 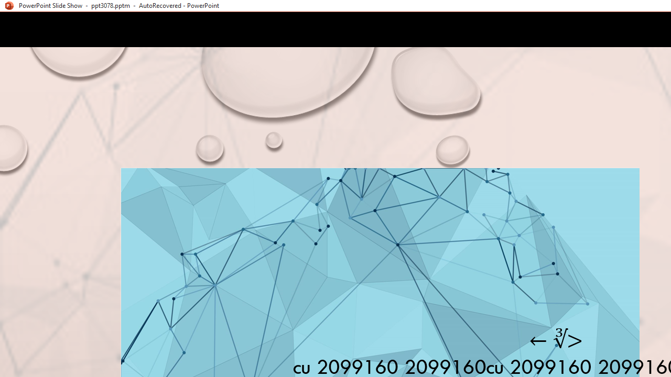 I want to click on 'System', so click(x=5, y=6).